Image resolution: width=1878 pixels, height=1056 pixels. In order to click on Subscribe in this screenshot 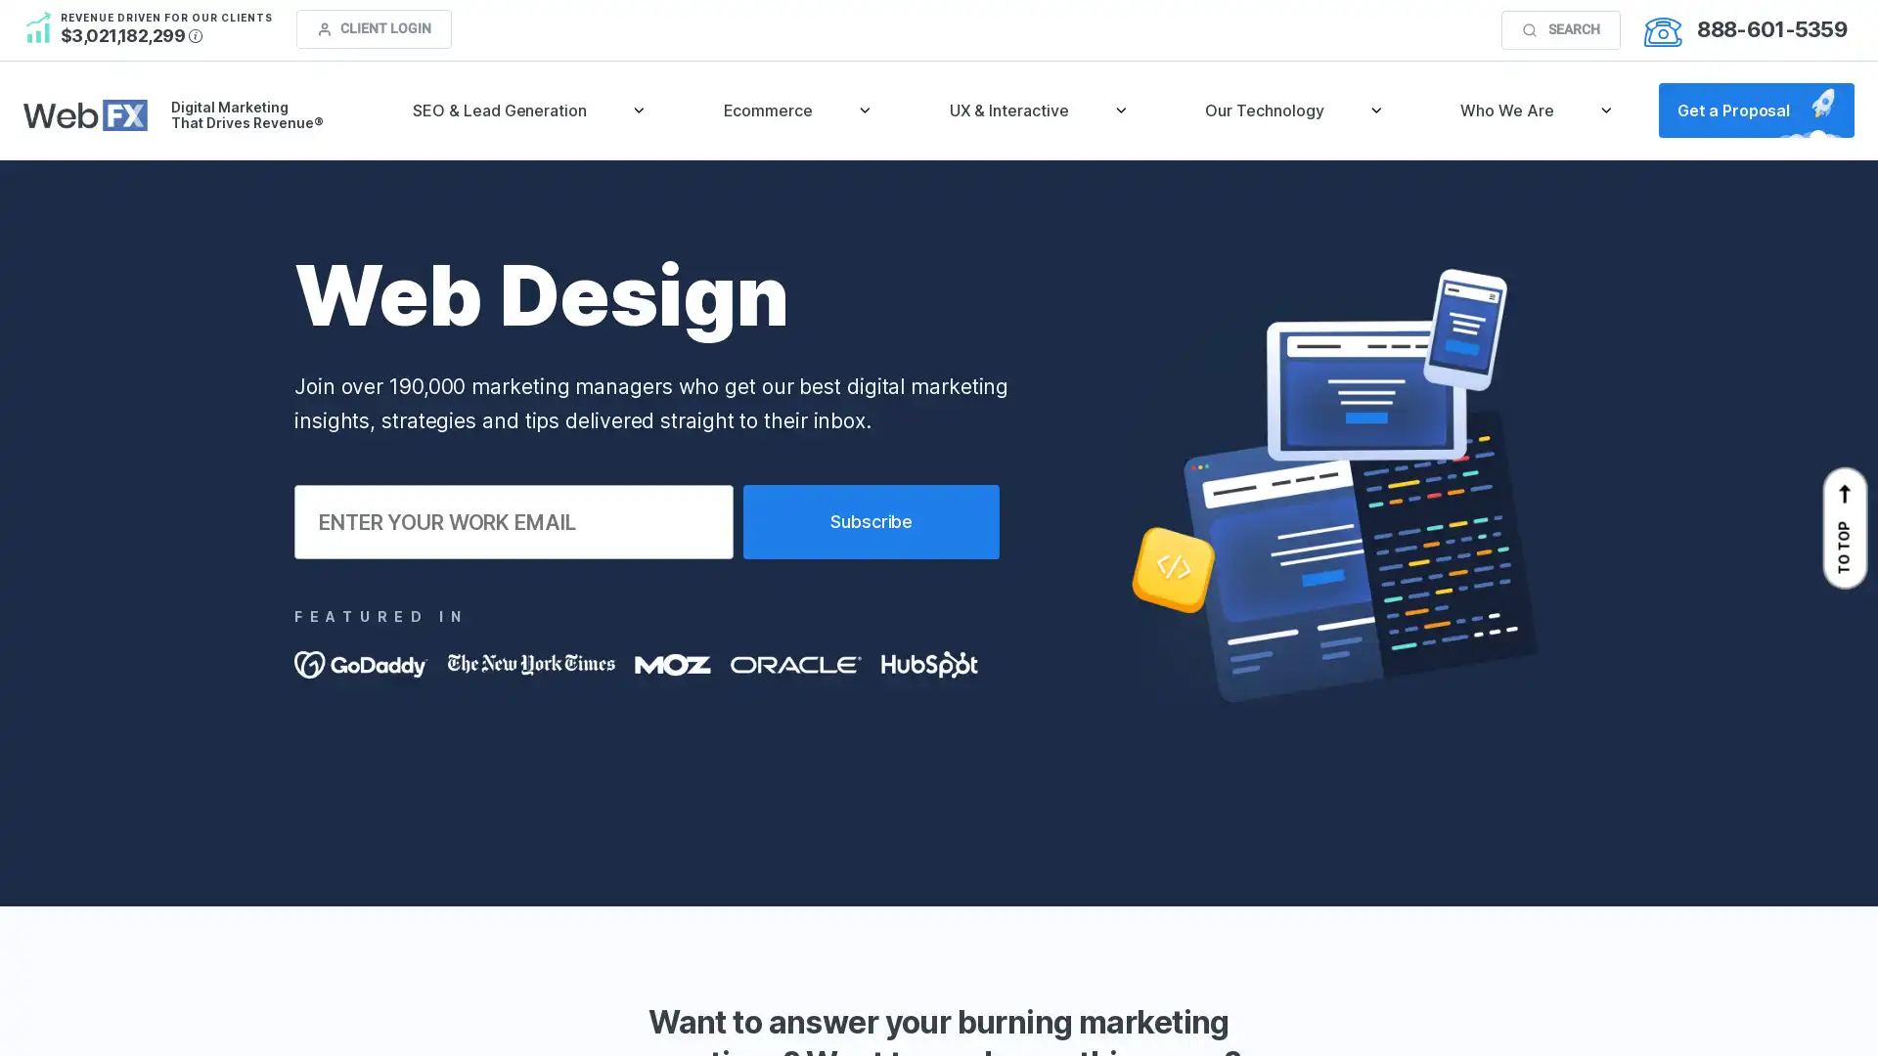, I will do `click(871, 520)`.